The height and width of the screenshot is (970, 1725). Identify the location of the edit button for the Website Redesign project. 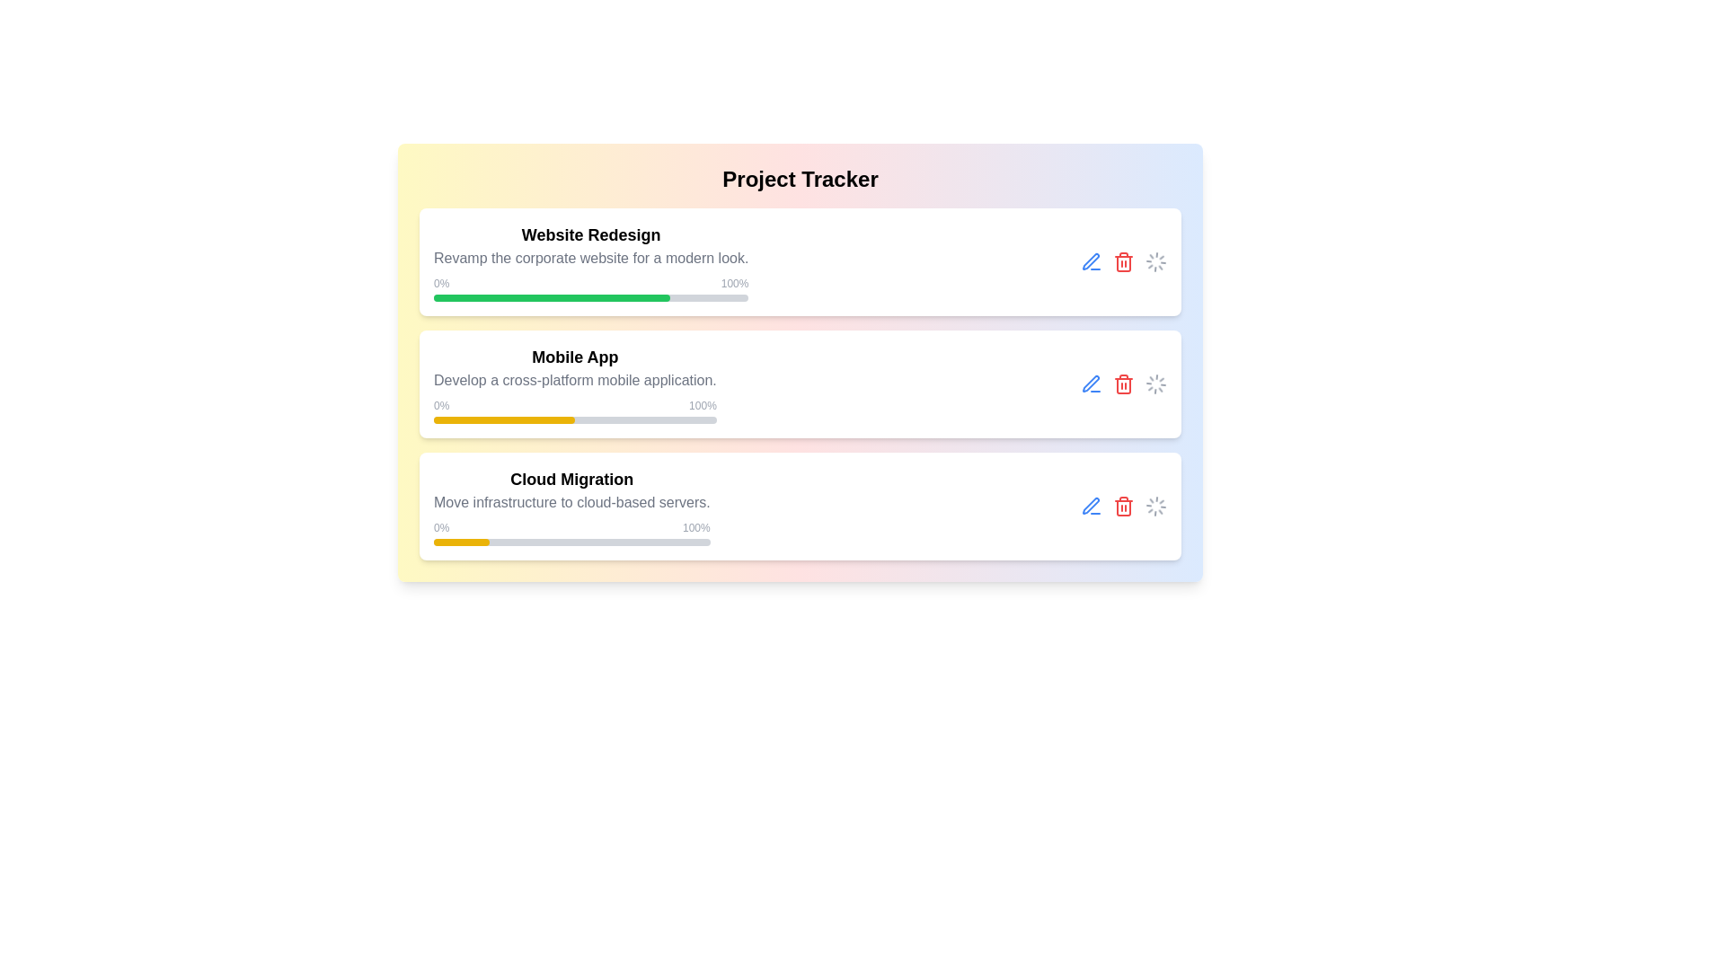
(1090, 262).